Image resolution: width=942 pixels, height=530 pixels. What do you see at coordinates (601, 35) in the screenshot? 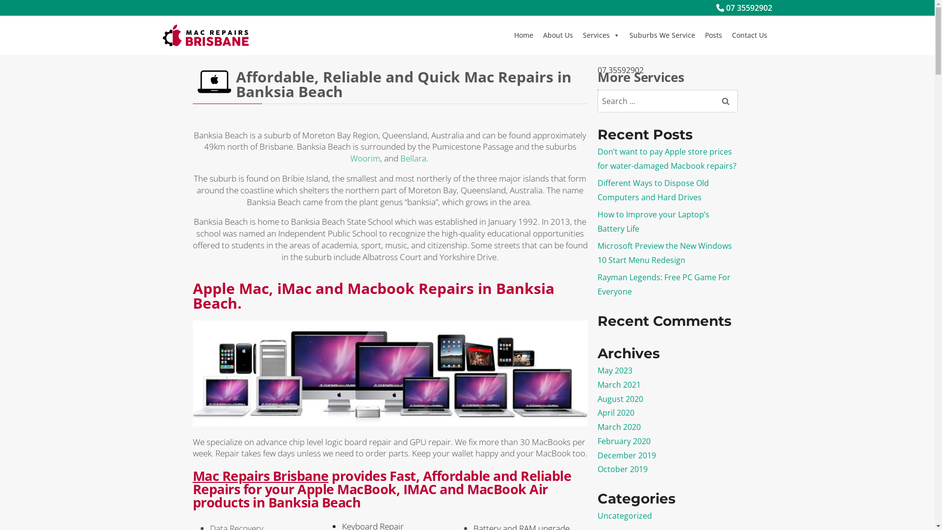
I see `'Services'` at bounding box center [601, 35].